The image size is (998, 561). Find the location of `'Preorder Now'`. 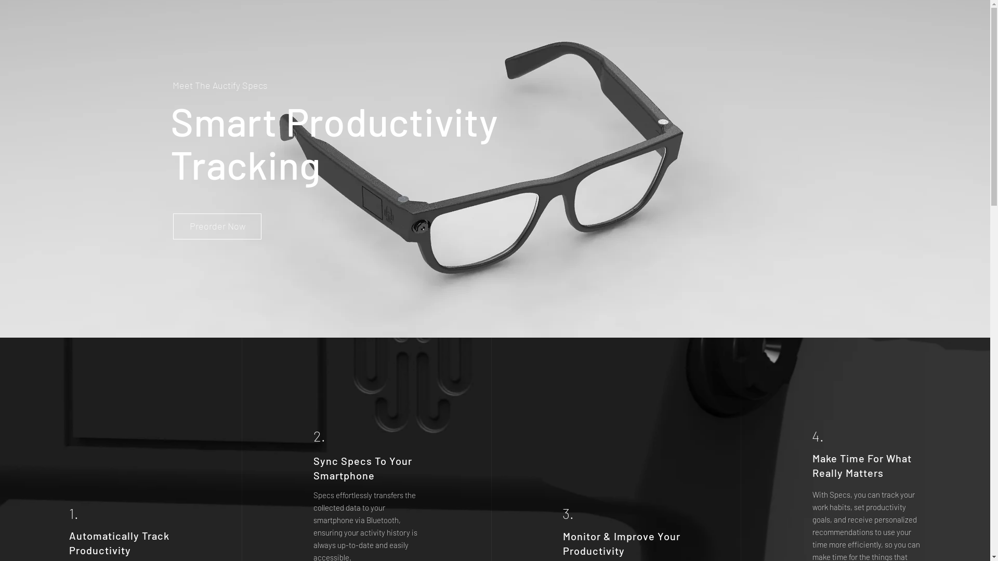

'Preorder Now' is located at coordinates (173, 225).